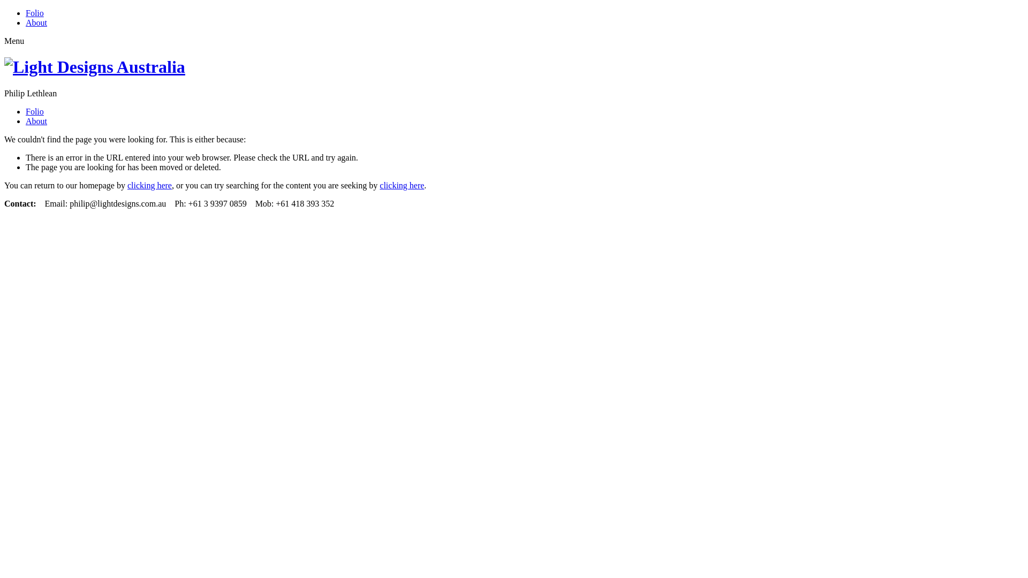 The width and height of the screenshot is (1028, 578). Describe the element at coordinates (36, 22) in the screenshot. I see `'About'` at that location.